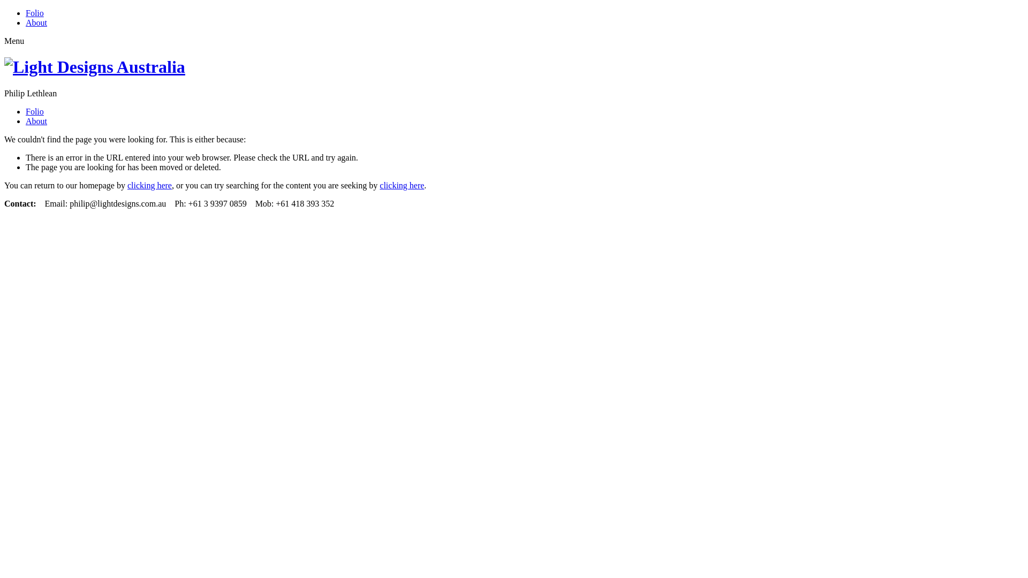 The width and height of the screenshot is (1028, 578). Describe the element at coordinates (36, 22) in the screenshot. I see `'About'` at that location.